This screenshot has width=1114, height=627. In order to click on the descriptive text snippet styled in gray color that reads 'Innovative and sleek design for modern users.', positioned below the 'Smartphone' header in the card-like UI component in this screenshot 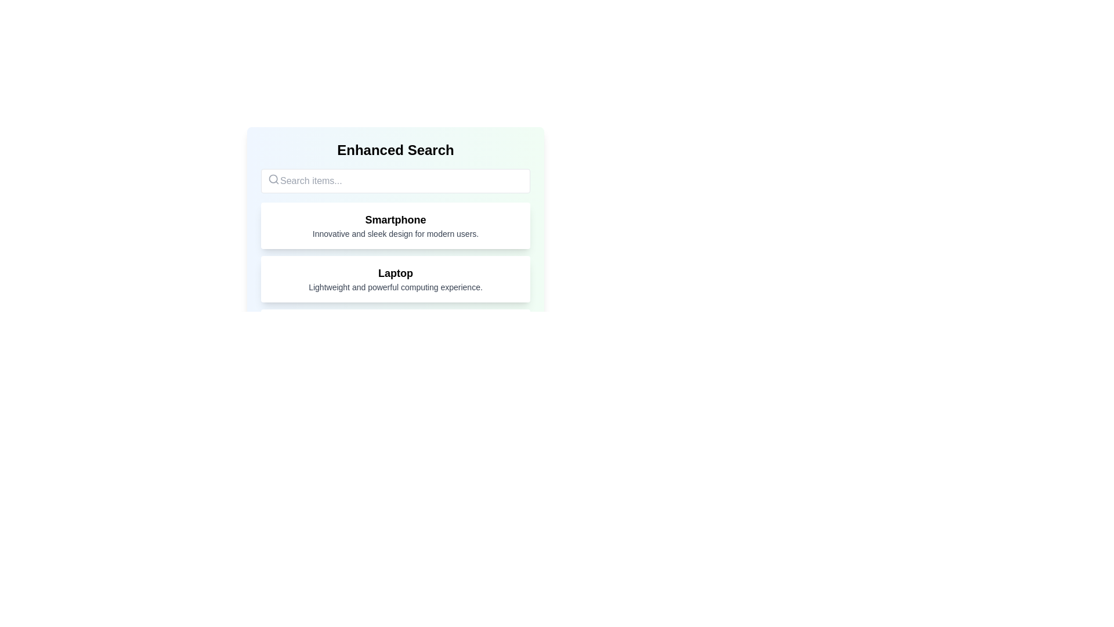, I will do `click(395, 233)`.